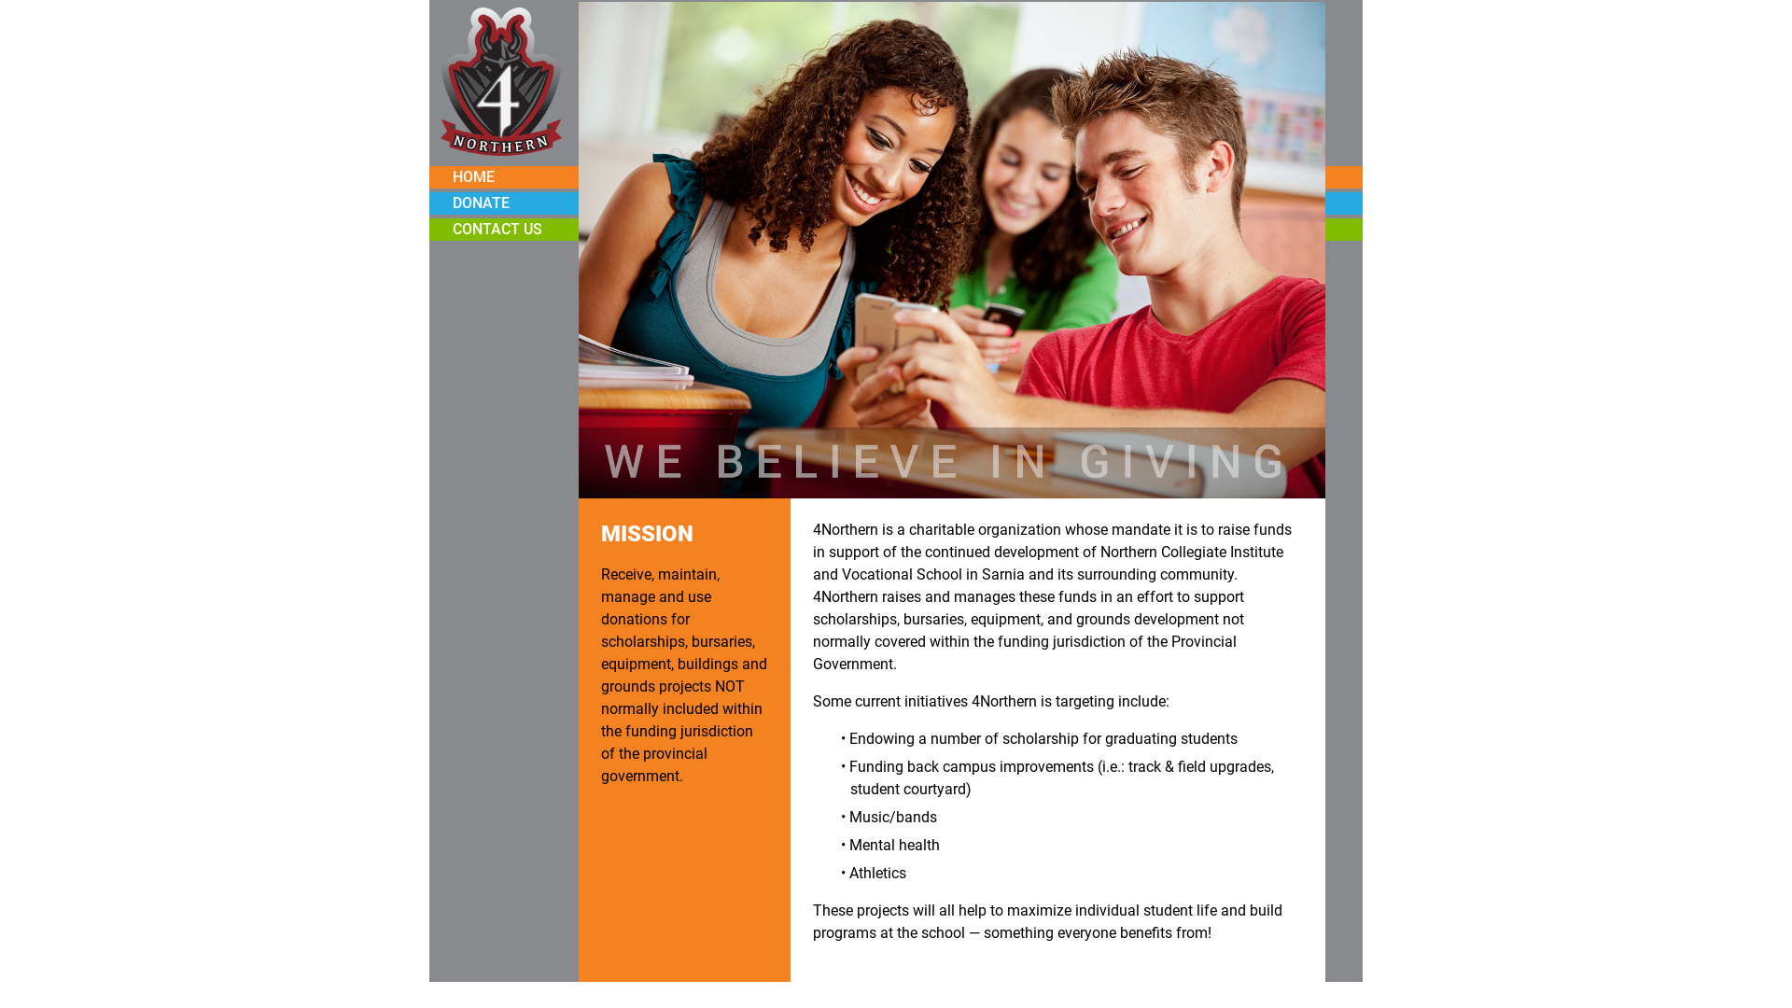 The height and width of the screenshot is (1008, 1792). What do you see at coordinates (481, 203) in the screenshot?
I see `'DONATE'` at bounding box center [481, 203].